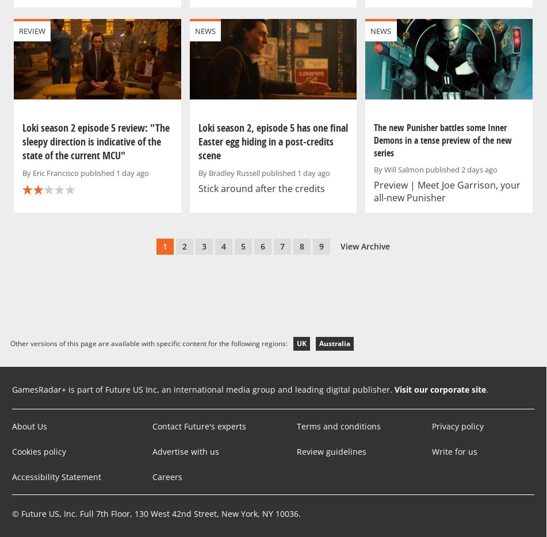 This screenshot has height=537, width=547. Describe the element at coordinates (184, 246) in the screenshot. I see `'2'` at that location.